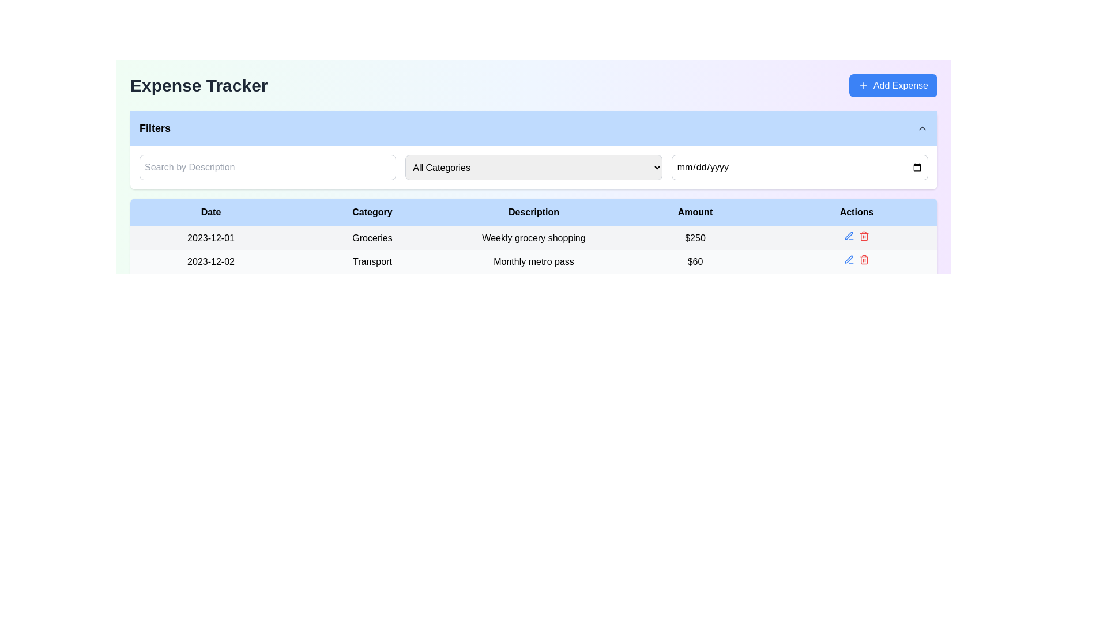 This screenshot has height=622, width=1107. I want to click on the prominent header displaying 'Expense Tracker', styled with a bold and large font in dark gray, positioned at the top-left corner of the application interface, so click(199, 85).